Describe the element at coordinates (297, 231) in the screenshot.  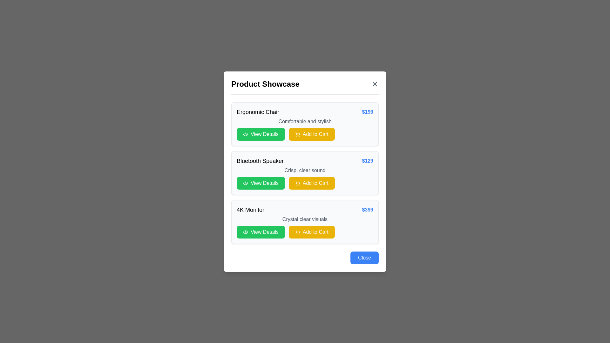
I see `the shopping cart icon located to the right of the 'Add to Cart' button for the '4K Monitor' item in the product showcase dialog` at that location.